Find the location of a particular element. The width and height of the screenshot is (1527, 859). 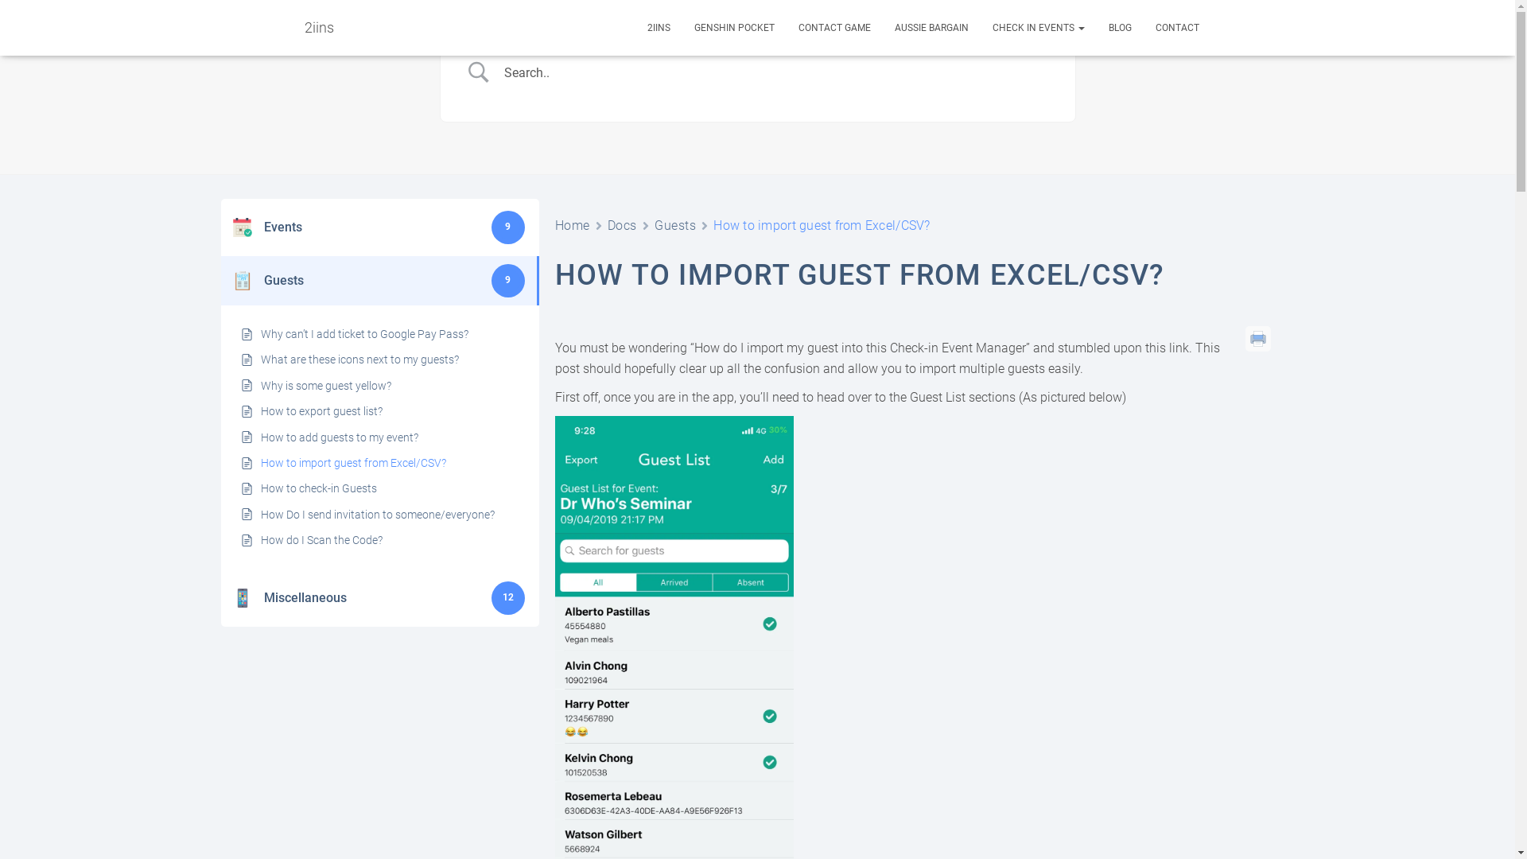

'2IINS' is located at coordinates (658, 27).